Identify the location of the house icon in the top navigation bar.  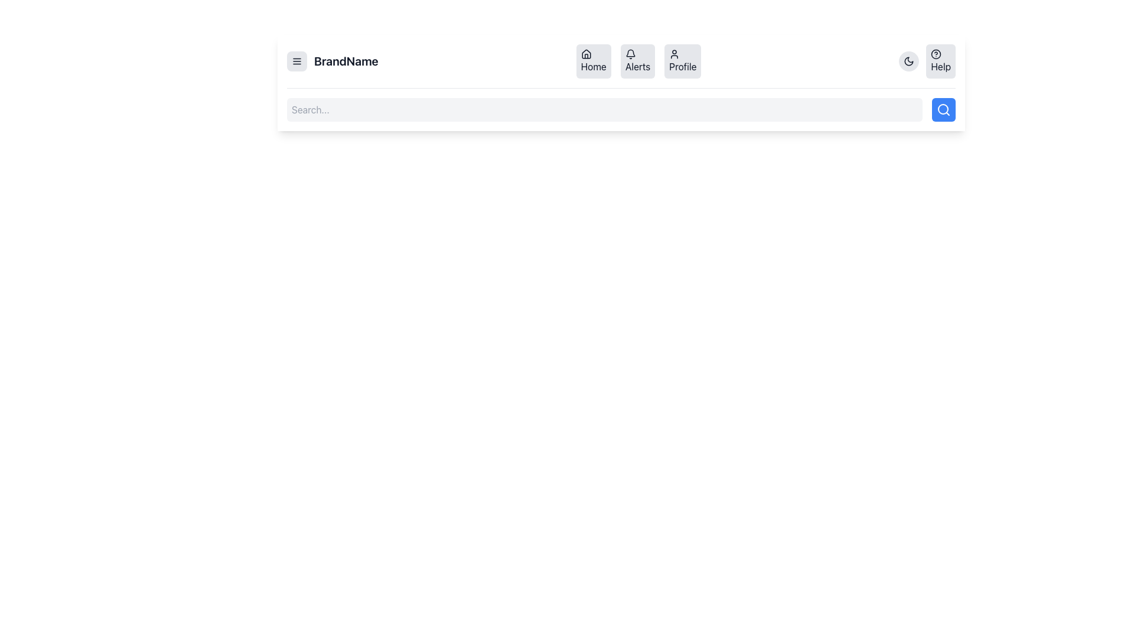
(586, 54).